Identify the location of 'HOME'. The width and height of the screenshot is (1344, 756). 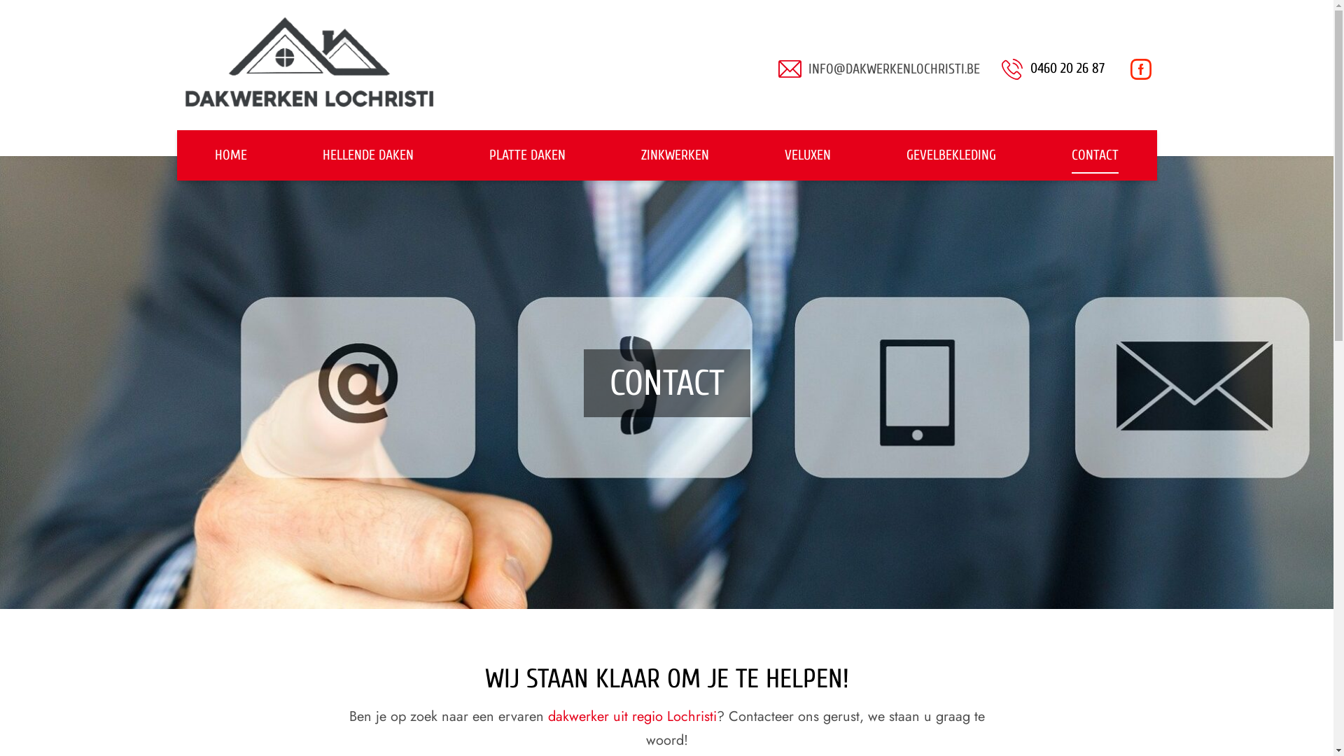
(231, 155).